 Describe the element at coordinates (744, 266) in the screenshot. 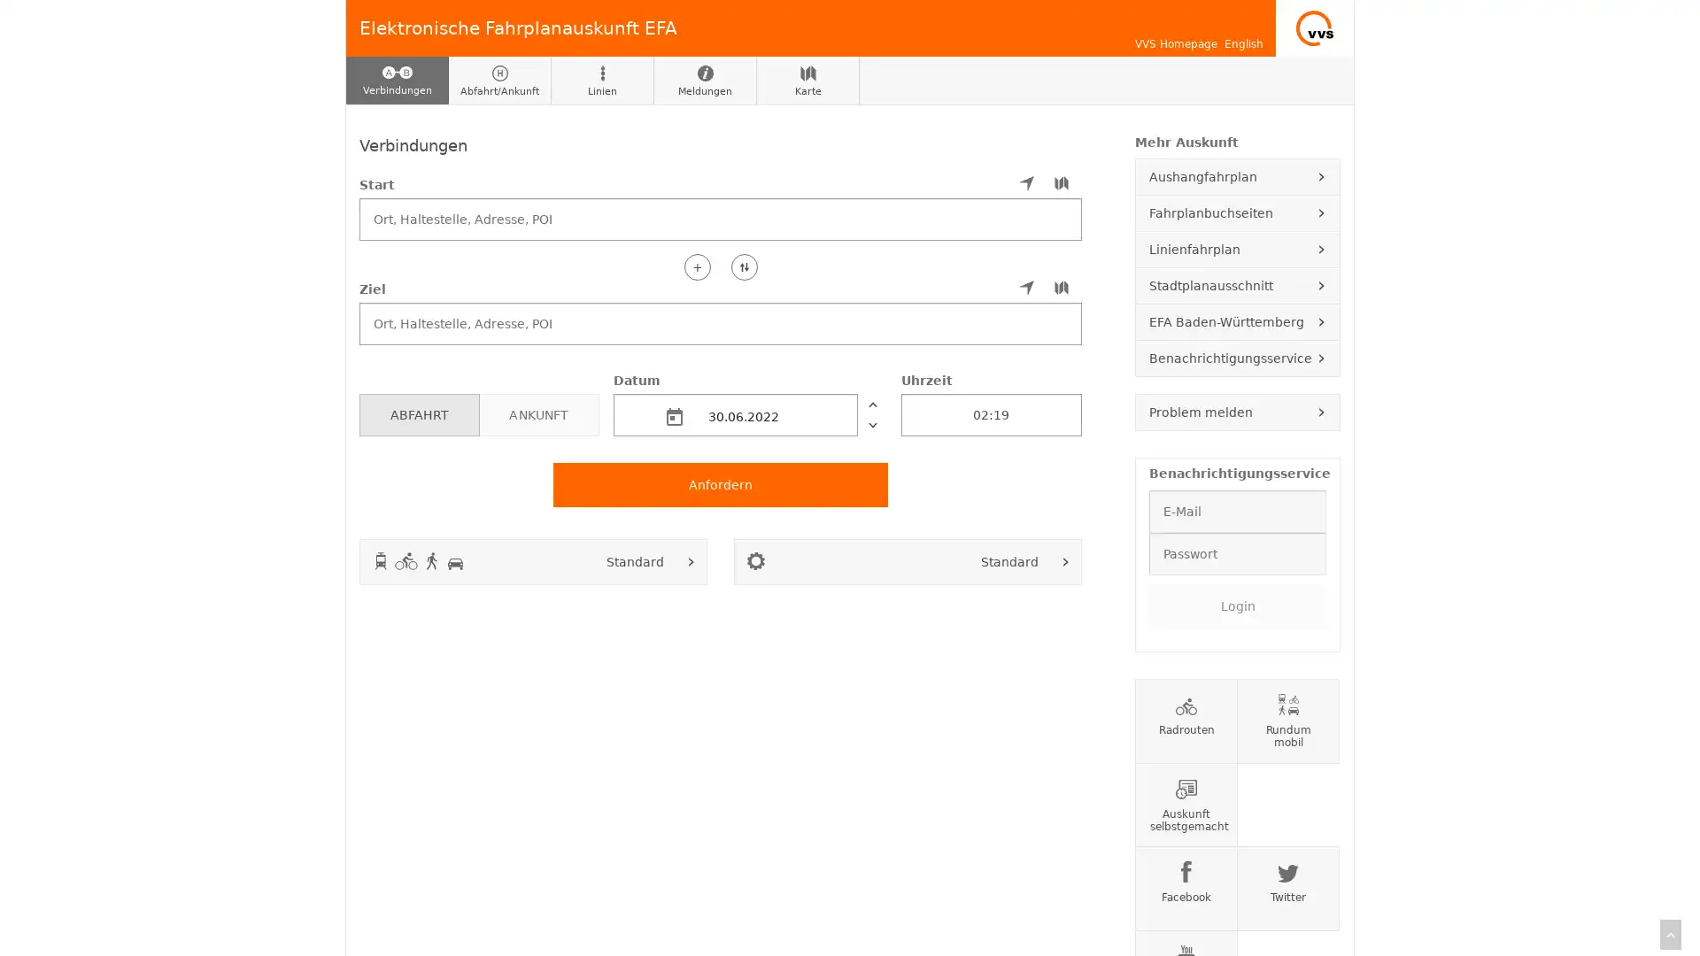

I see `Start und Ziel tauschen` at that location.